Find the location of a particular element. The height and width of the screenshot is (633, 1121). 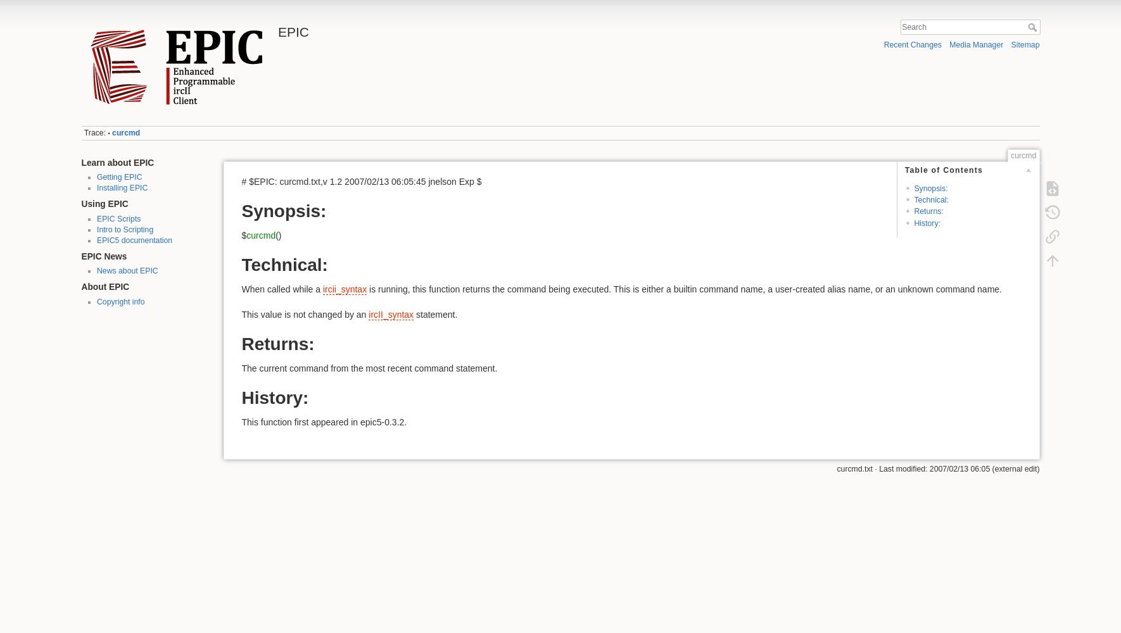

'EPIC News' is located at coordinates (104, 256).